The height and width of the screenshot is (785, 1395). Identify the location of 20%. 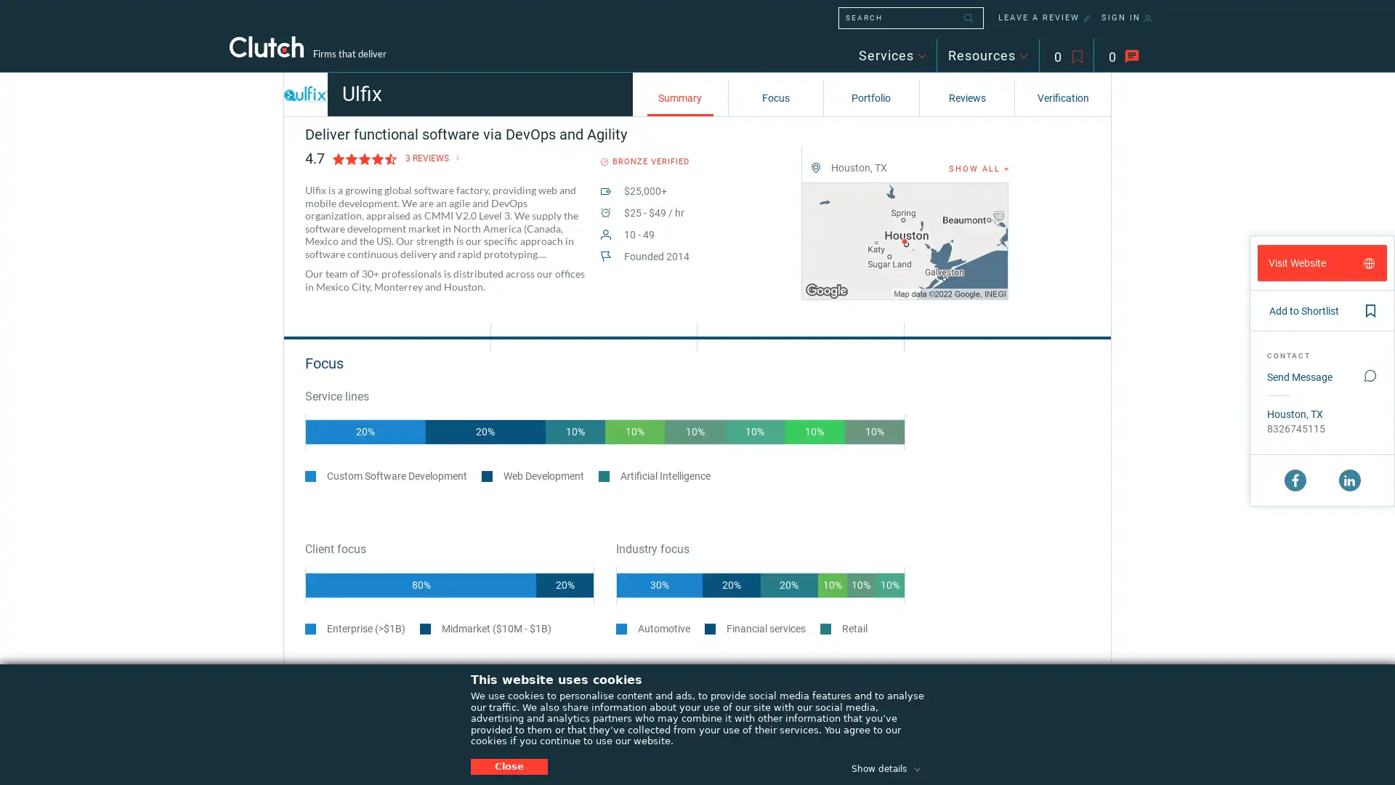
(485, 431).